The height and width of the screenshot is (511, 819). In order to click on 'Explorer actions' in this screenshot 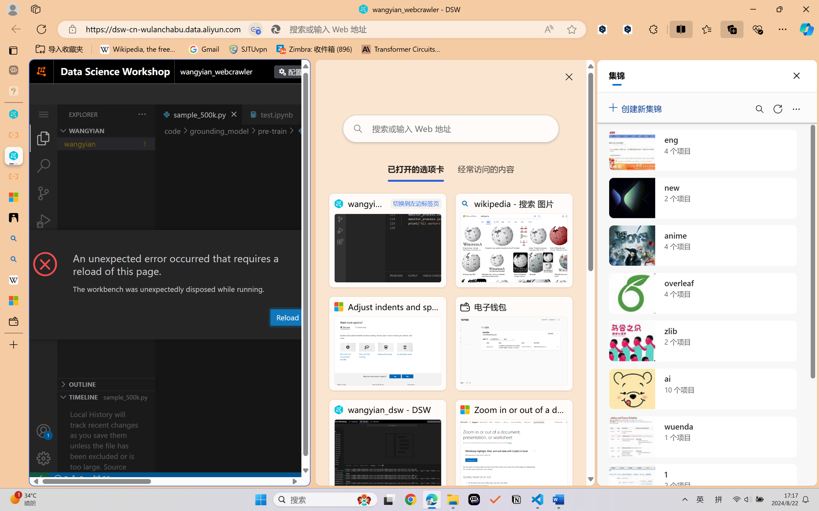, I will do `click(125, 114)`.